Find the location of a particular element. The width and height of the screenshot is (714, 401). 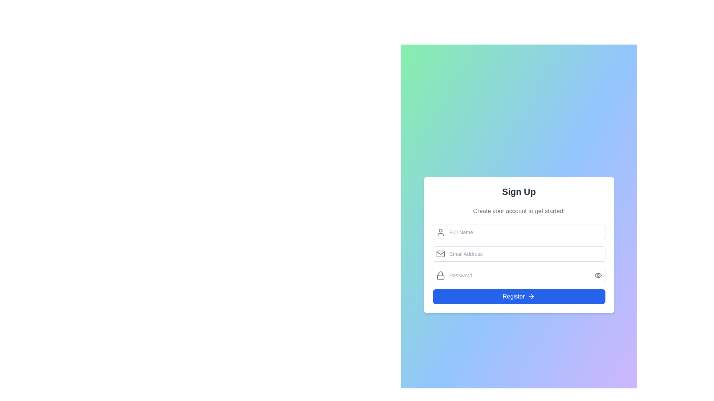

the lower rectangle of the padlock icon that represents the locked state adjacent to the password input field is located at coordinates (440, 277).